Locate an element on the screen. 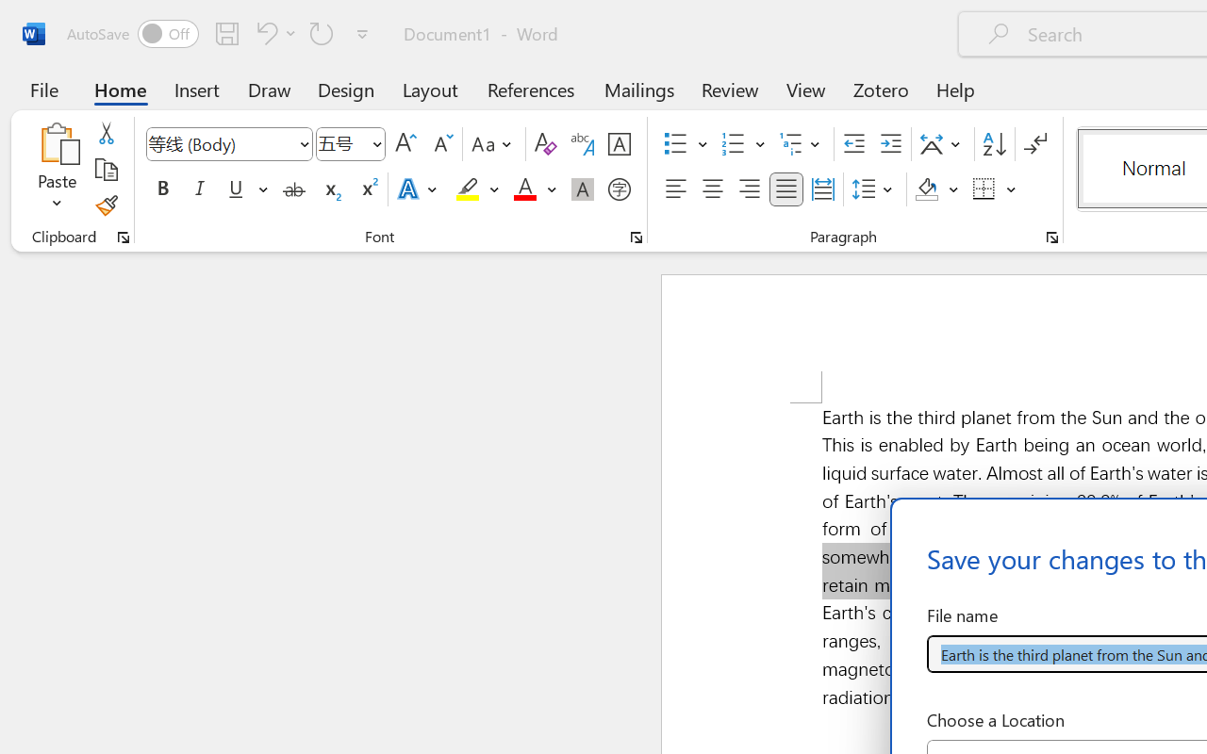 The height and width of the screenshot is (754, 1207). 'Cut' is located at coordinates (105, 133).